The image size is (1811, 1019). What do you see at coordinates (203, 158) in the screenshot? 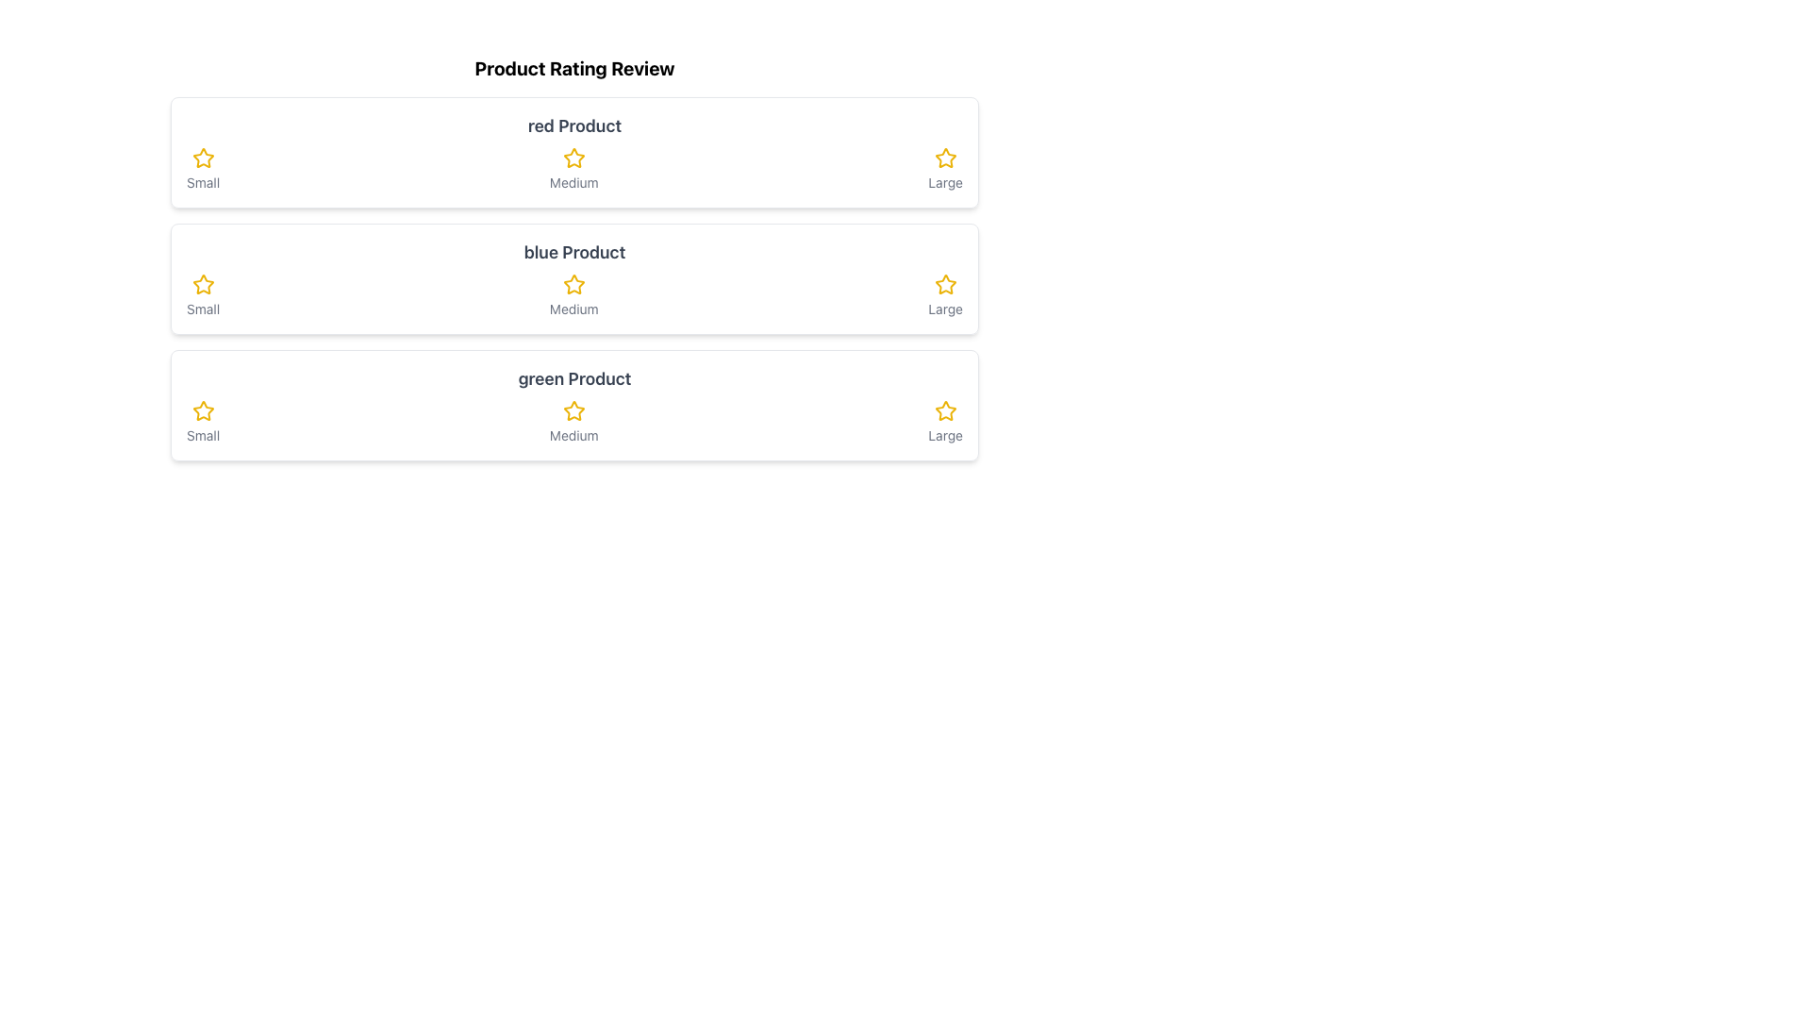
I see `the first star icon on the left in the rating system for the 'red Product'` at bounding box center [203, 158].